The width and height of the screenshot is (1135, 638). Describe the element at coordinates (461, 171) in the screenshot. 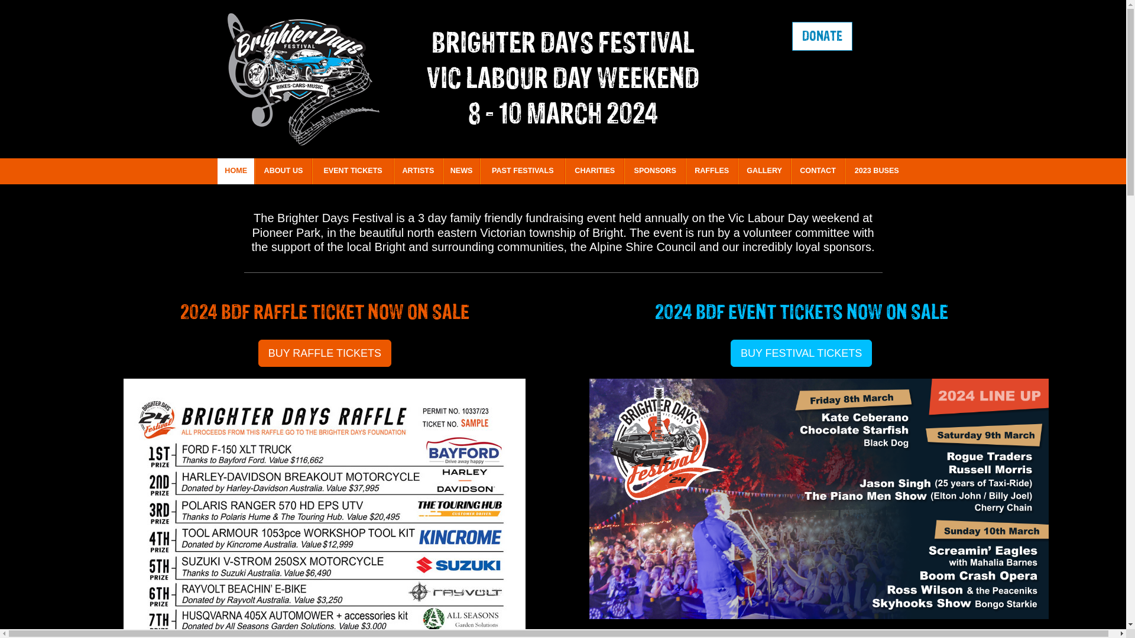

I see `'NEWS'` at that location.